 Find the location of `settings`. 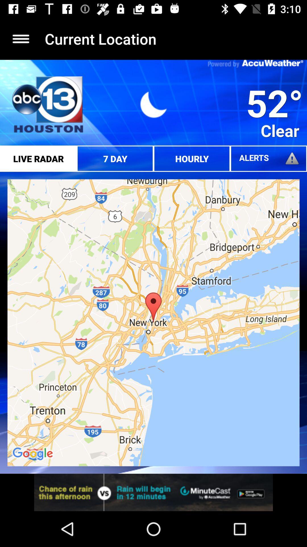

settings is located at coordinates (20, 38).